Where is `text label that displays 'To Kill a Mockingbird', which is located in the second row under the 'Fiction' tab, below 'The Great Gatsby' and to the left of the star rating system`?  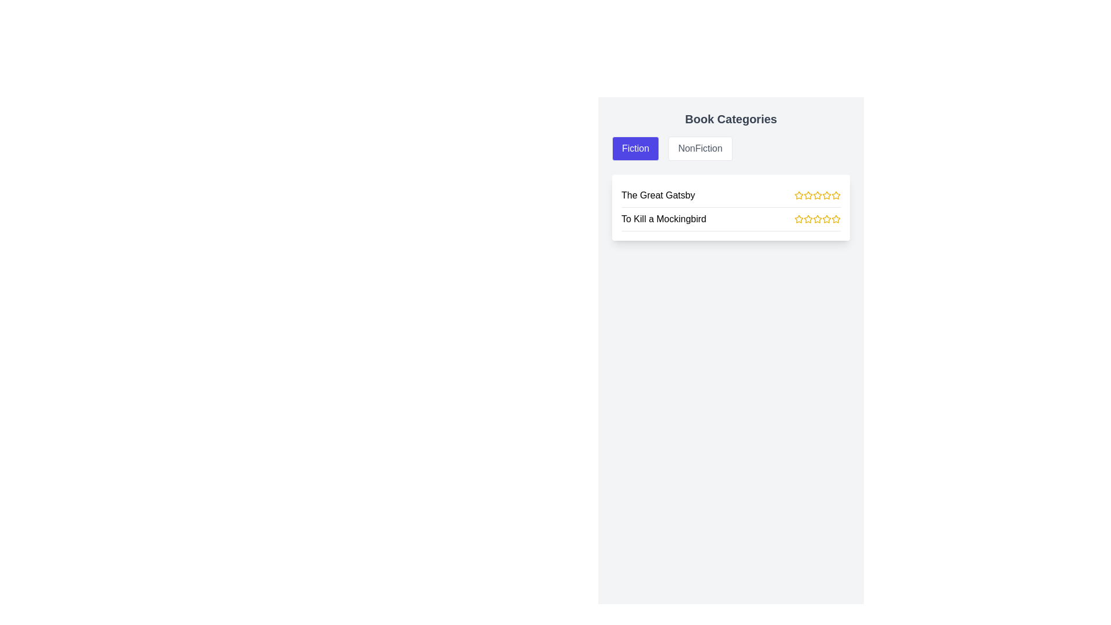
text label that displays 'To Kill a Mockingbird', which is located in the second row under the 'Fiction' tab, below 'The Great Gatsby' and to the left of the star rating system is located at coordinates (664, 219).